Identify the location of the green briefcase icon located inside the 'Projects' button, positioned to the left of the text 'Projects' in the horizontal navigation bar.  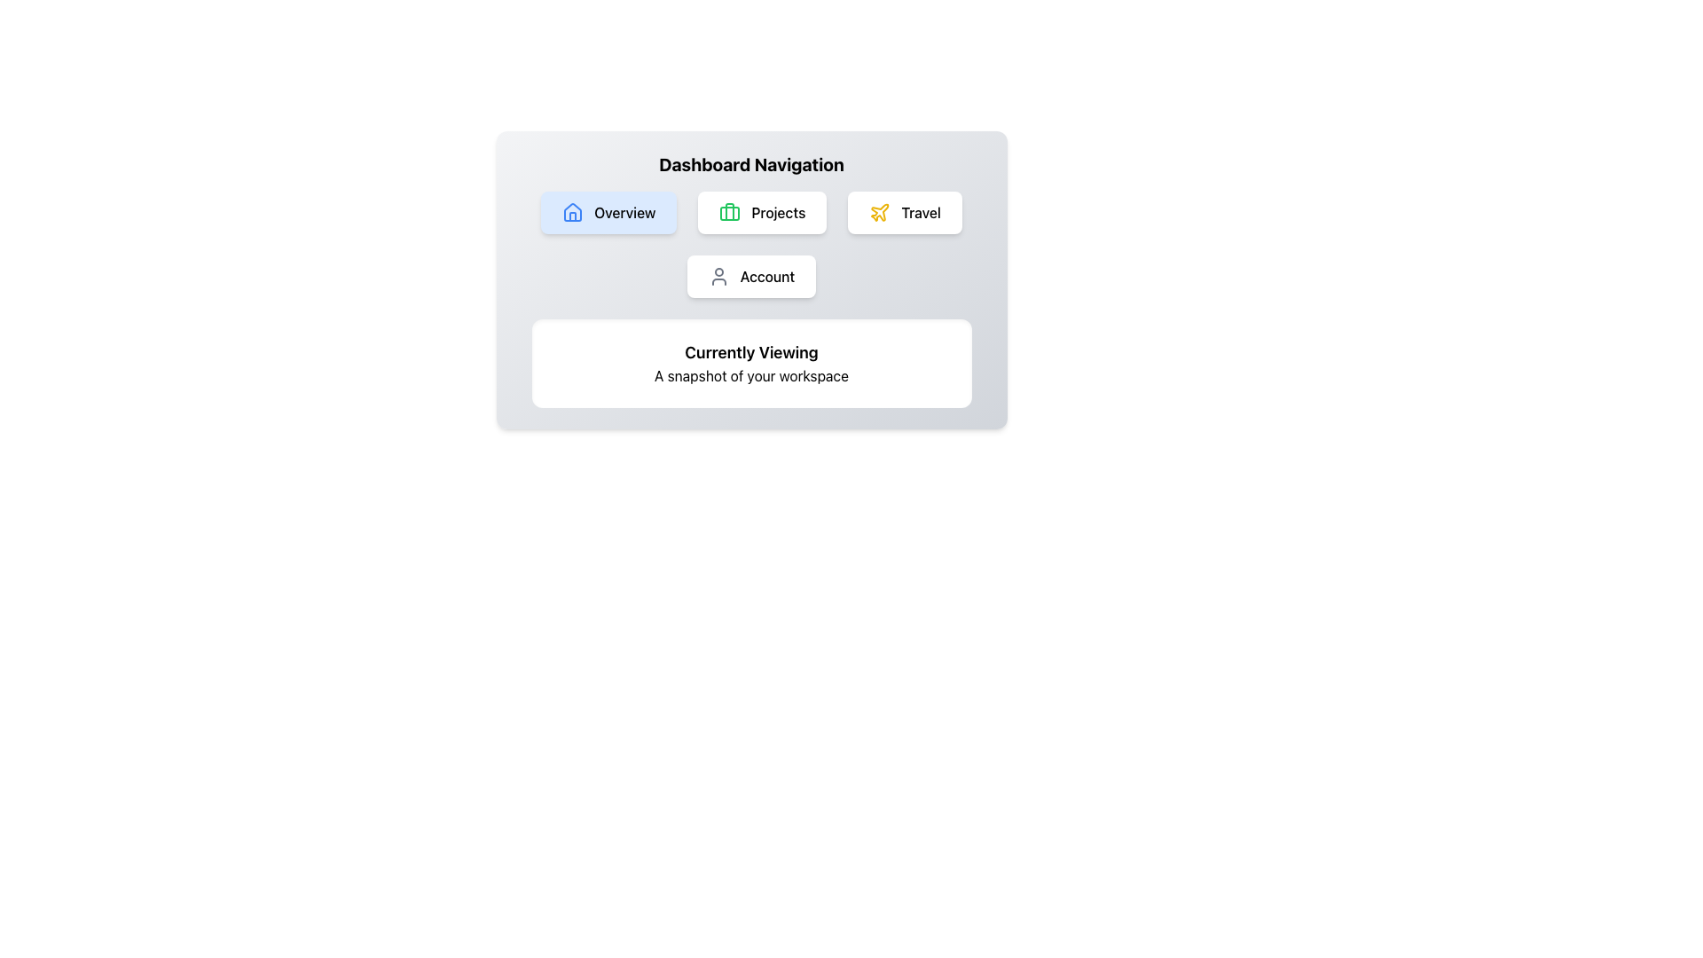
(730, 211).